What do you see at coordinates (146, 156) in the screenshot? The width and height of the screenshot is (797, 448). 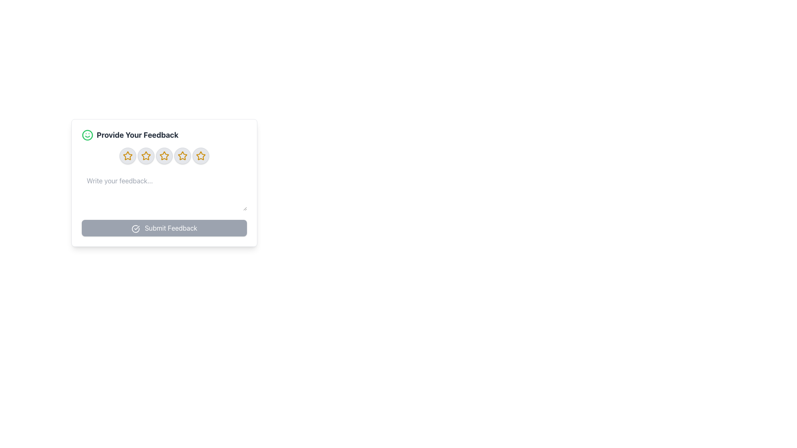 I see `the circular button with a yellow star icon, which is the second star in a horizontal sequence of five star-shaped buttons` at bounding box center [146, 156].